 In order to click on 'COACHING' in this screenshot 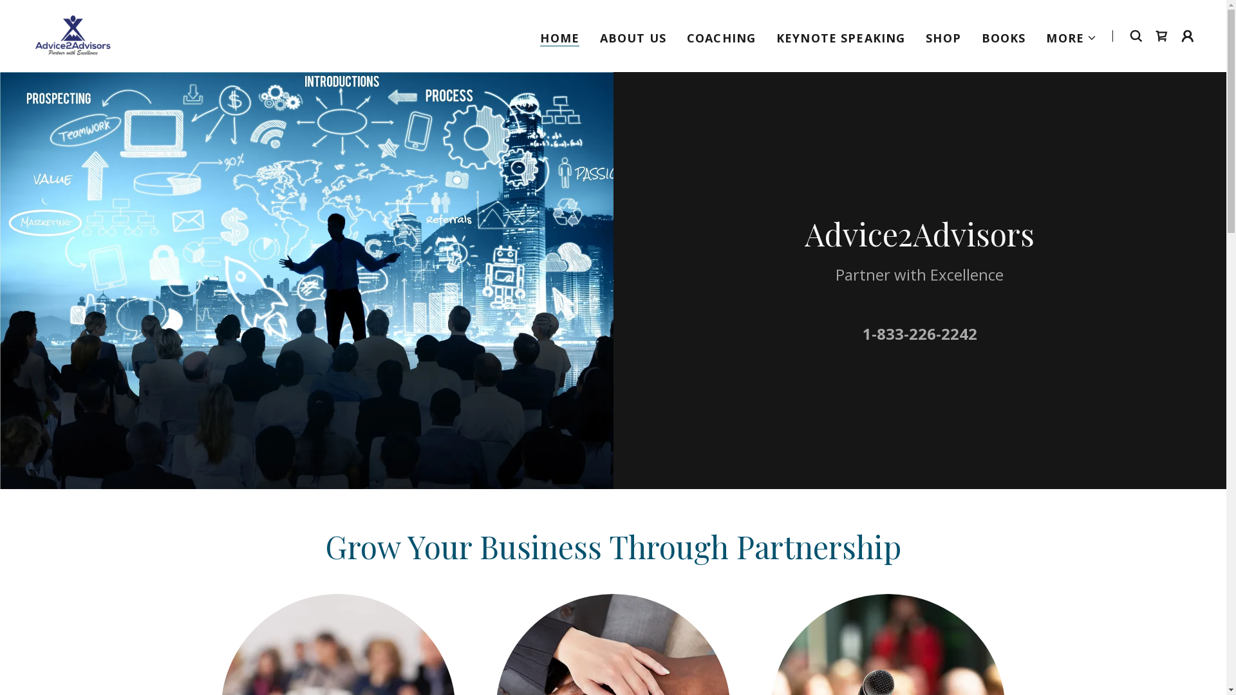, I will do `click(721, 36)`.